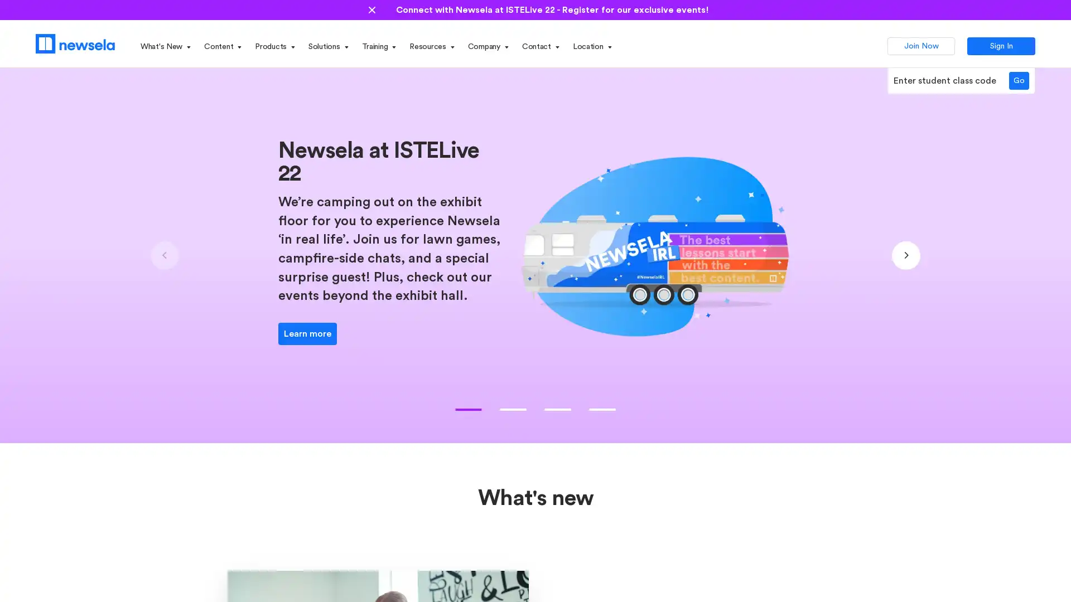  What do you see at coordinates (395, 46) in the screenshot?
I see `Open Training dropdown` at bounding box center [395, 46].